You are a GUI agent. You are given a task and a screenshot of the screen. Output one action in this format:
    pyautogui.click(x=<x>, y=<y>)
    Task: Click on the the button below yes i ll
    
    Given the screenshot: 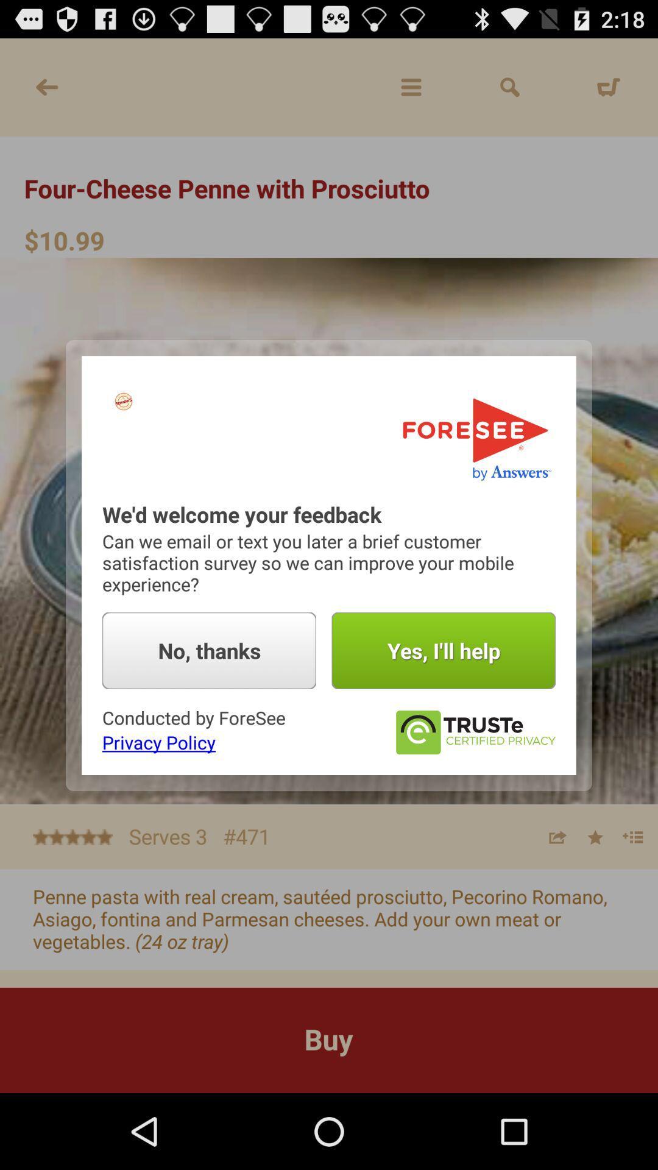 What is the action you would take?
    pyautogui.click(x=474, y=732)
    